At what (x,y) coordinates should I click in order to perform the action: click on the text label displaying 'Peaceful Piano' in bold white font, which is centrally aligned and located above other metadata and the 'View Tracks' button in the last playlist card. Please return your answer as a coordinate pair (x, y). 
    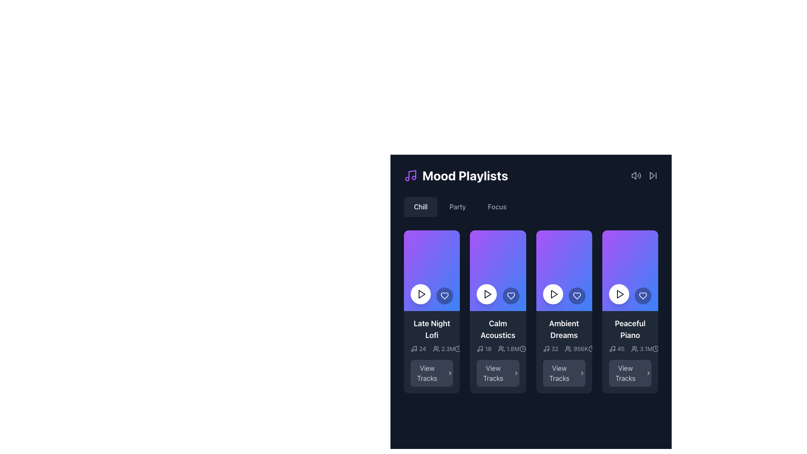
    Looking at the image, I should click on (630, 329).